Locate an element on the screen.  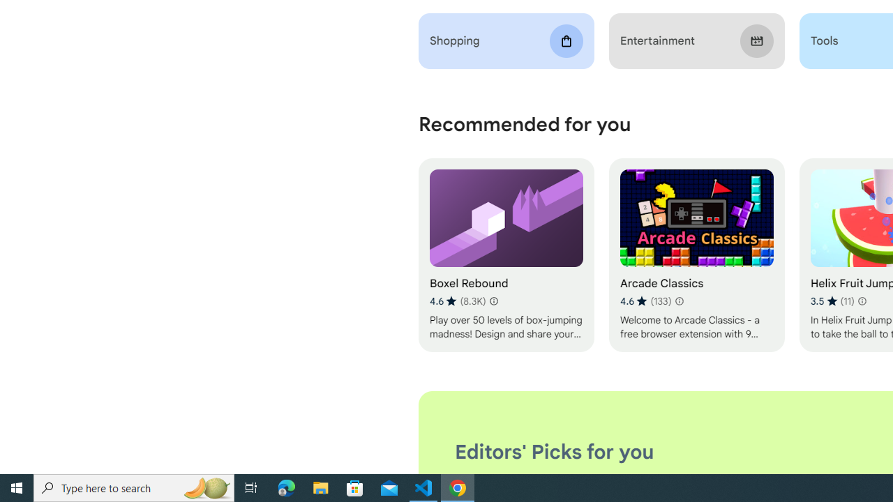
'Average rating 3.5 out of 5 stars. 11 ratings.' is located at coordinates (832, 301).